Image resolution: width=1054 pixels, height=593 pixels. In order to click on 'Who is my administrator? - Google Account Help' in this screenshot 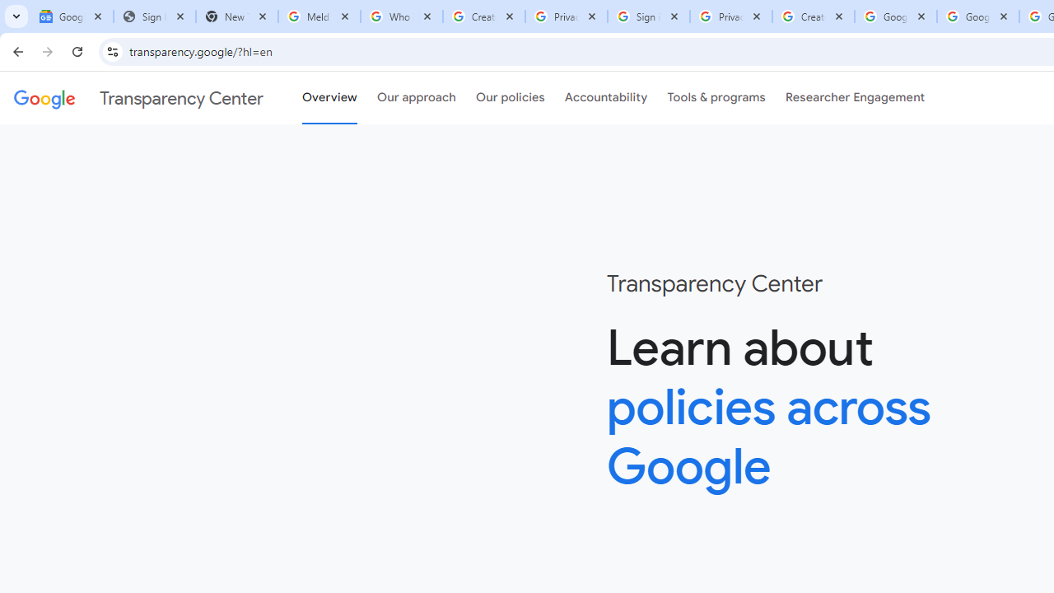, I will do `click(401, 16)`.